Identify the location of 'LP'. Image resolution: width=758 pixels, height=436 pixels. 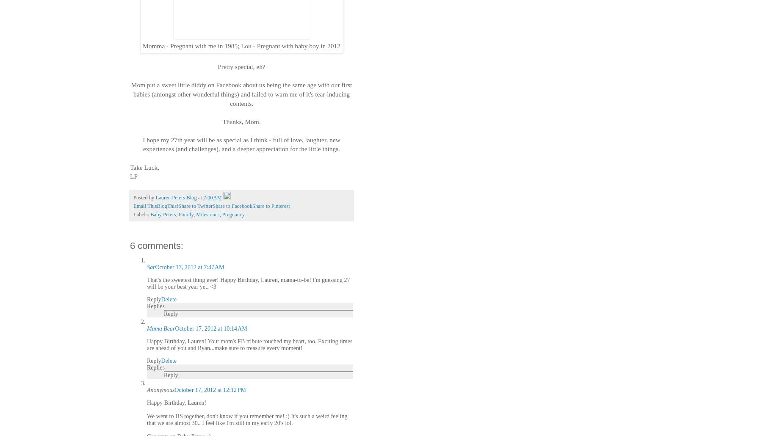
(133, 176).